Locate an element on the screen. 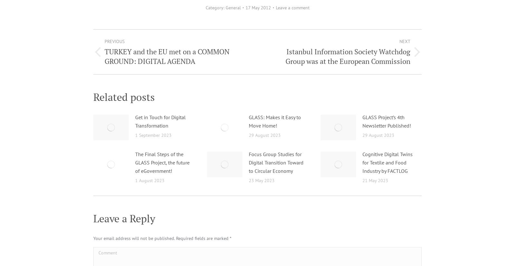 Image resolution: width=515 pixels, height=266 pixels. '21 May 2023' is located at coordinates (375, 180).